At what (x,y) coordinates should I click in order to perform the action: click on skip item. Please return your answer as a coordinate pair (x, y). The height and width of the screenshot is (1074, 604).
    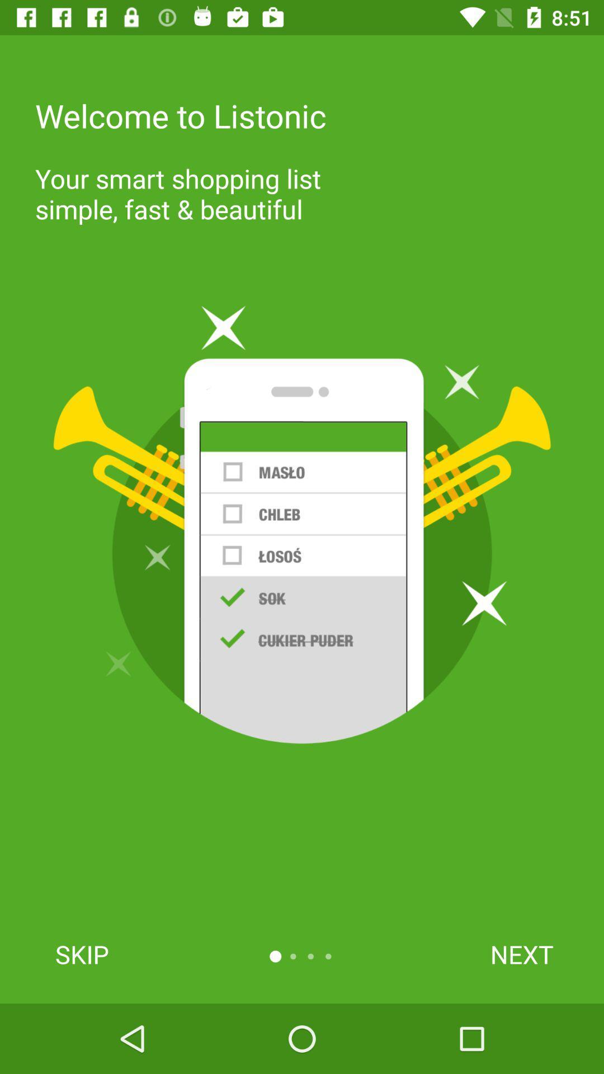
    Looking at the image, I should click on (81, 954).